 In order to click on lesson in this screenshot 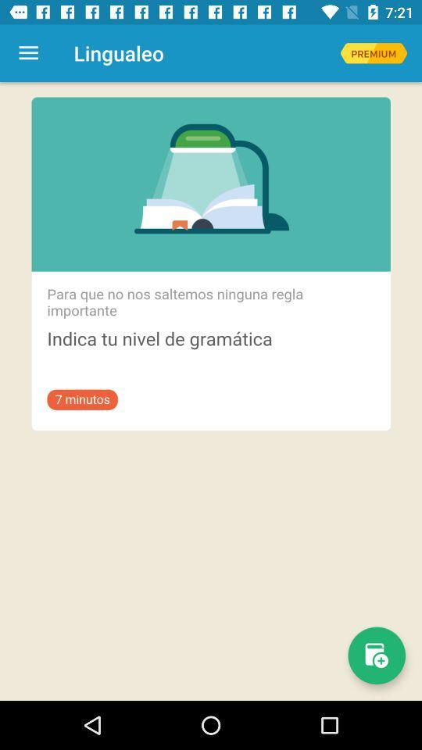, I will do `click(376, 655)`.